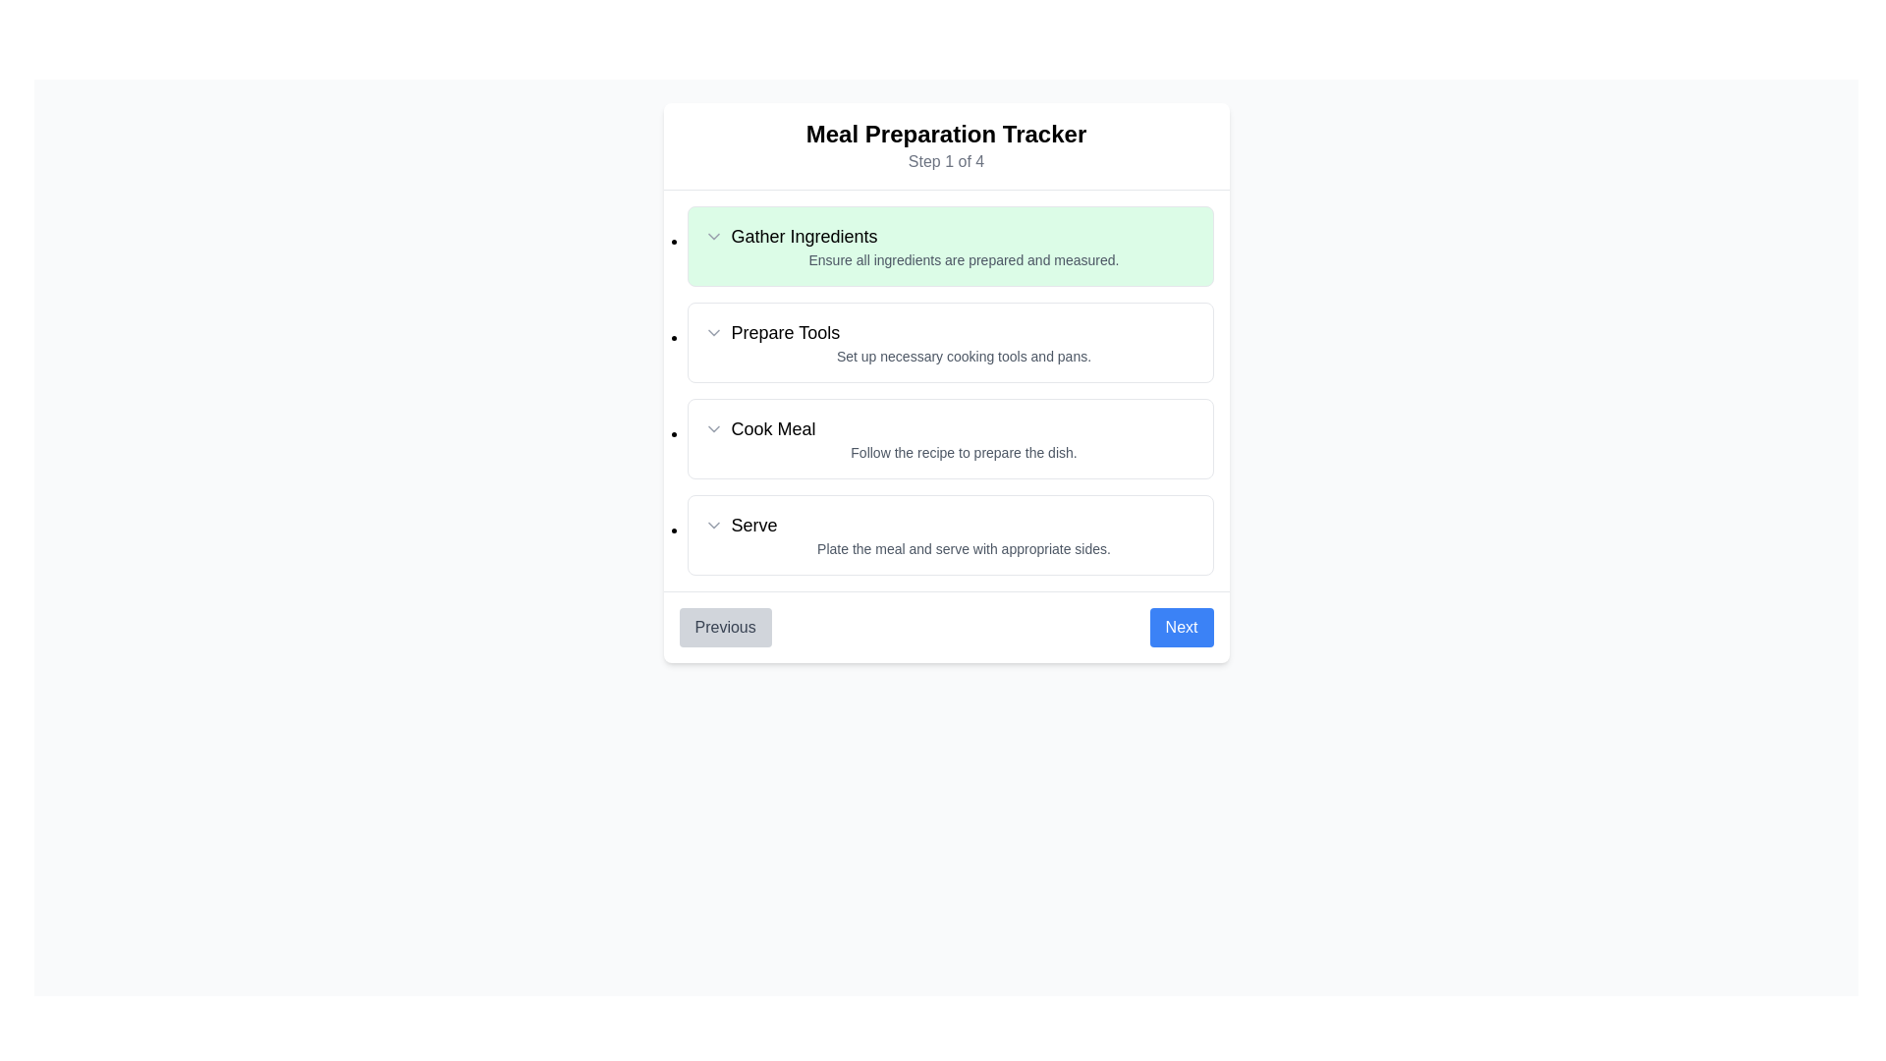  Describe the element at coordinates (950, 332) in the screenshot. I see `the title of the instructional section` at that location.